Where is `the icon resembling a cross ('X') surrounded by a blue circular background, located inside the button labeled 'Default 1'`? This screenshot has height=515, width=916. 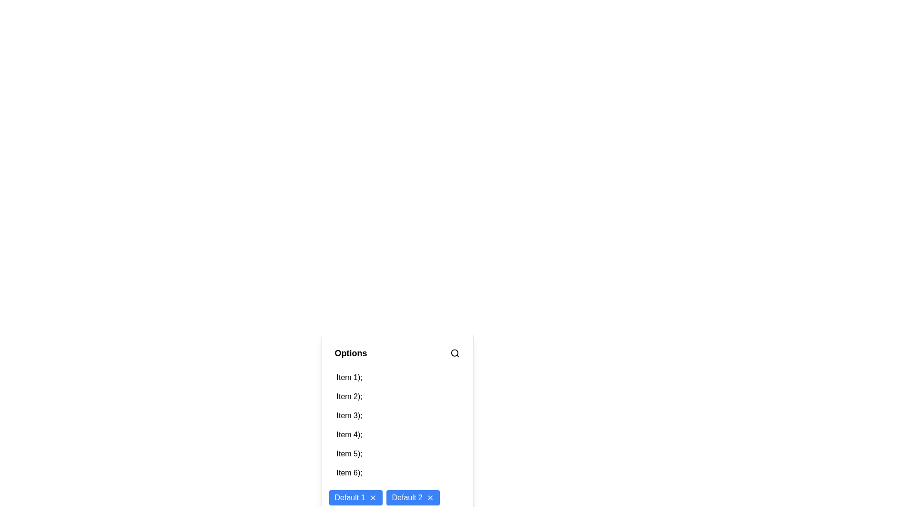
the icon resembling a cross ('X') surrounded by a blue circular background, located inside the button labeled 'Default 1' is located at coordinates (372, 497).